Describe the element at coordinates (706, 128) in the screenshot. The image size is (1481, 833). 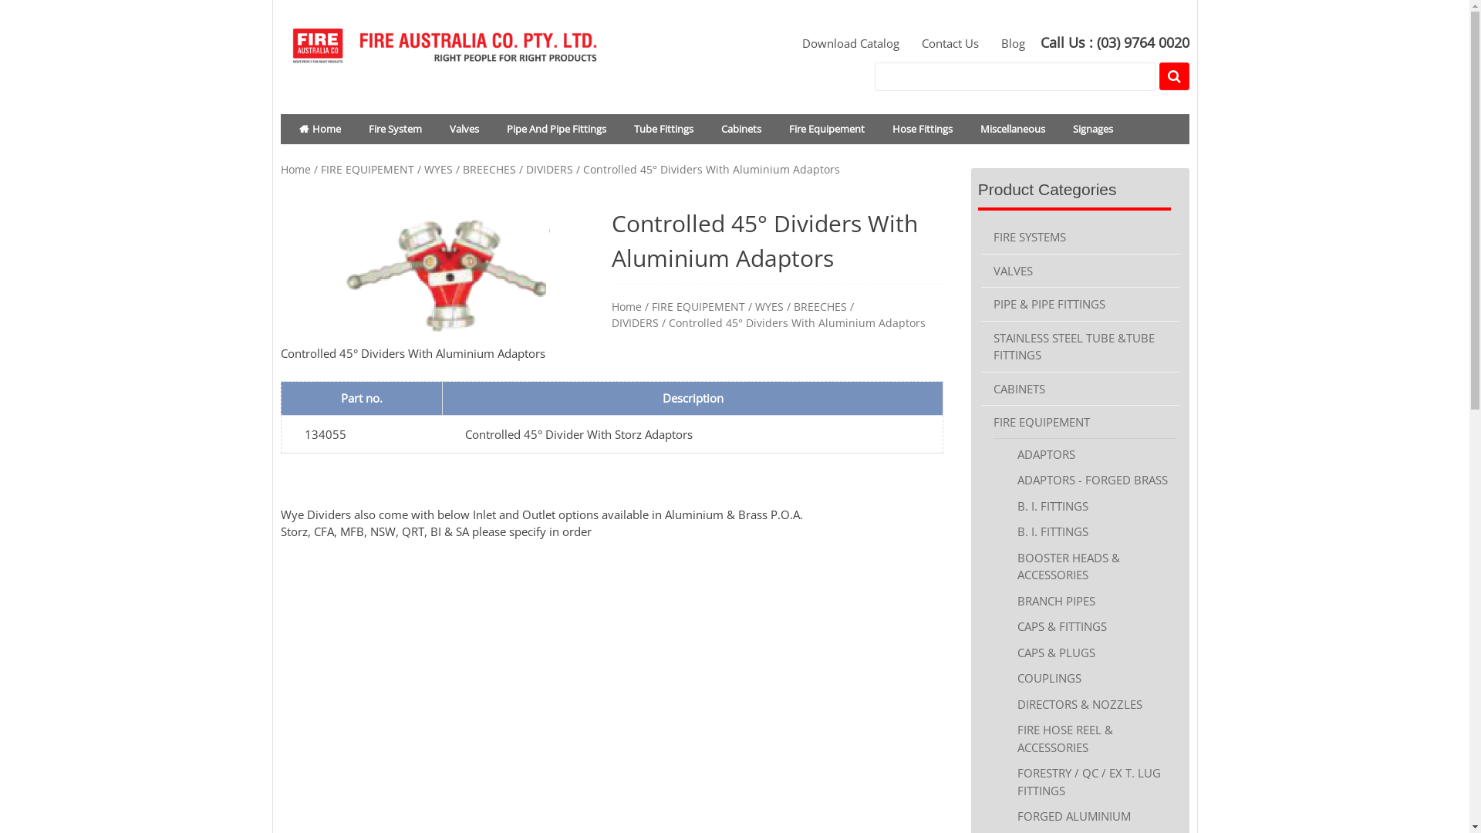
I see `'Cabinets'` at that location.